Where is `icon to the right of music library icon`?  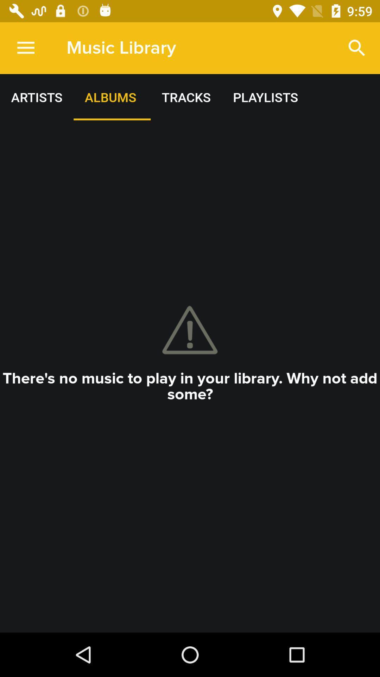 icon to the right of music library icon is located at coordinates (357, 48).